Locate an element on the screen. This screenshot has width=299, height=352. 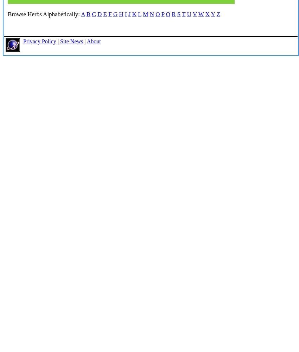
'M' is located at coordinates (145, 14).